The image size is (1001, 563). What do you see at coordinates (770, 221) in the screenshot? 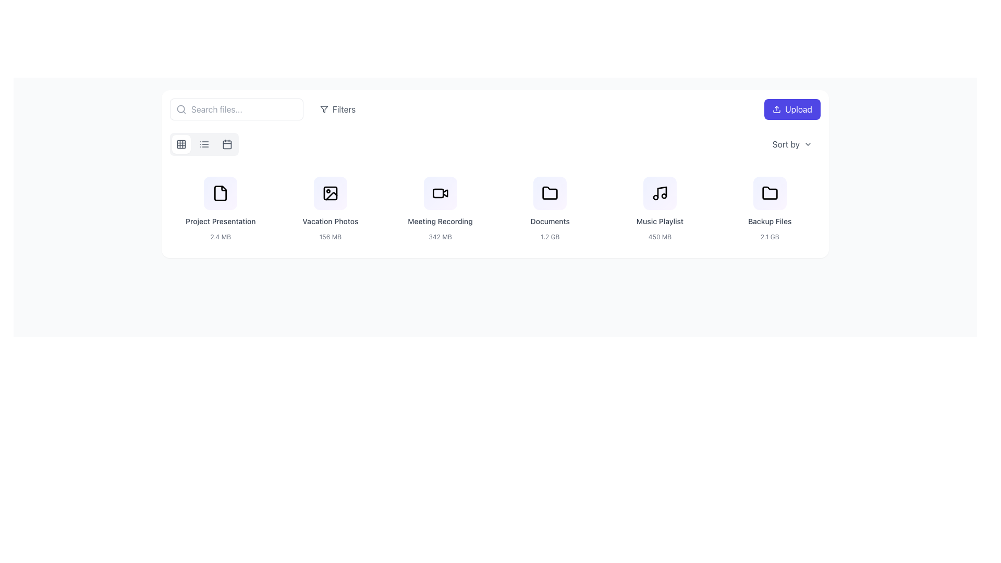
I see `the text label displaying 'Backup Files', which is a small-sized, centrally aligned, medium weight, grayish colored text located at the bottom-center of the card above the '2.1 GB' text element` at bounding box center [770, 221].